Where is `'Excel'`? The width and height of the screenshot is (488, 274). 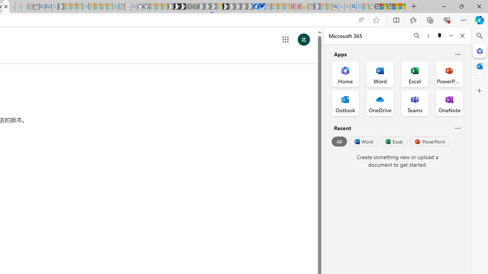
'Excel' is located at coordinates (393, 142).